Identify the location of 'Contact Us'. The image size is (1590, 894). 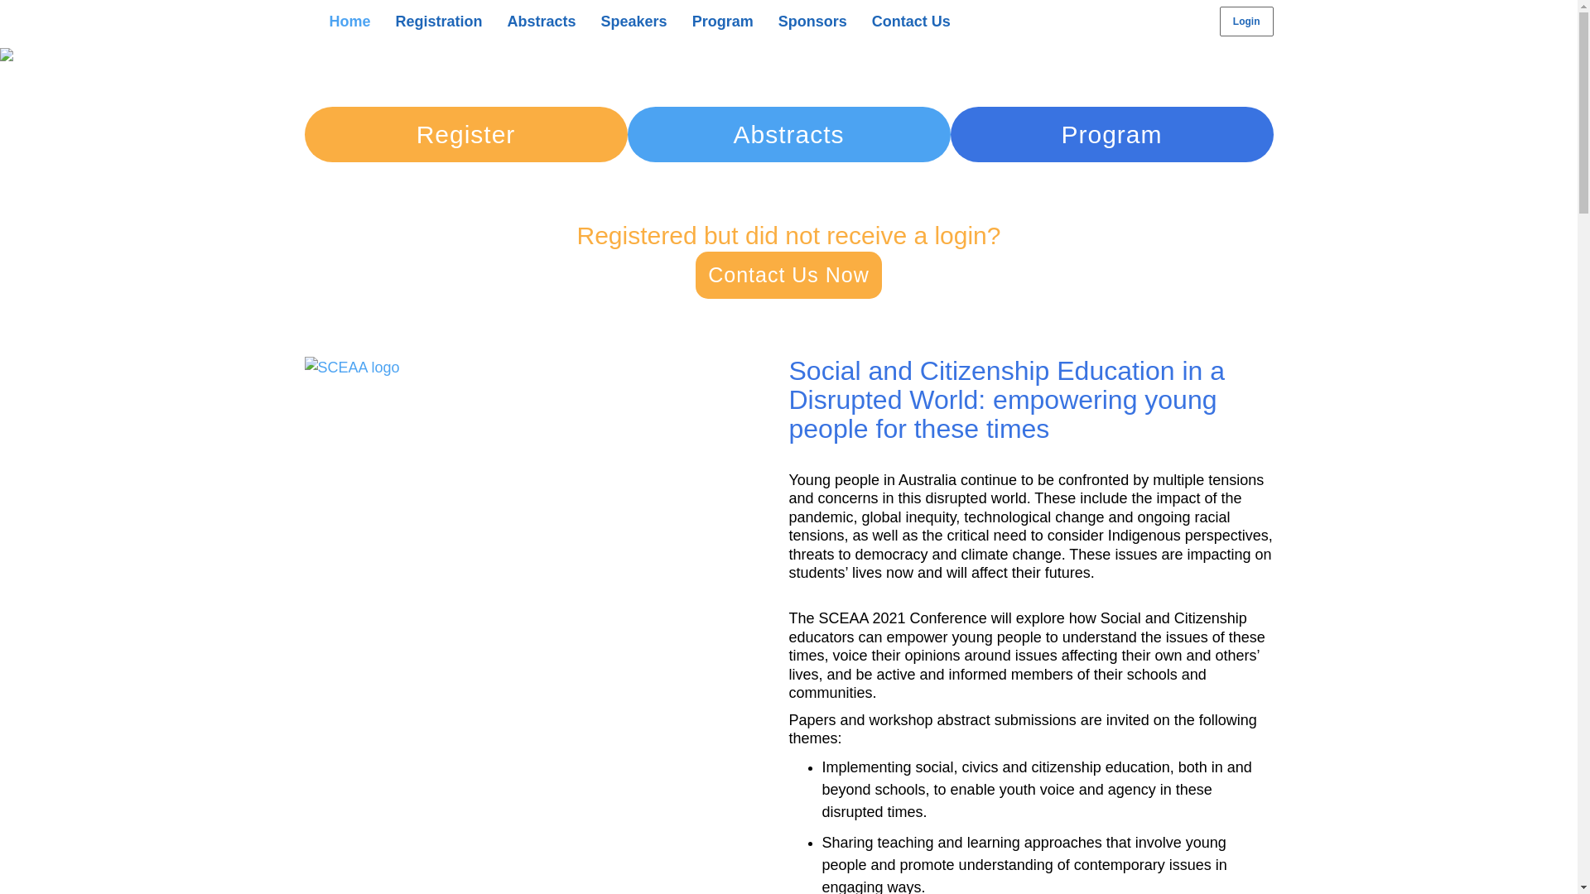
(859, 22).